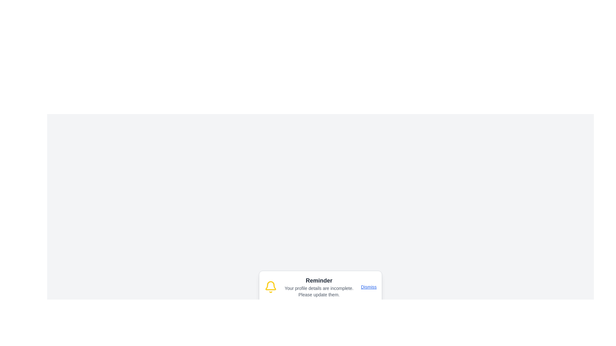 Image resolution: width=616 pixels, height=346 pixels. What do you see at coordinates (319, 280) in the screenshot?
I see `the 'Reminder' static text label, which is prominently displayed in bold, large, gray-black font at the top of the notification card` at bounding box center [319, 280].